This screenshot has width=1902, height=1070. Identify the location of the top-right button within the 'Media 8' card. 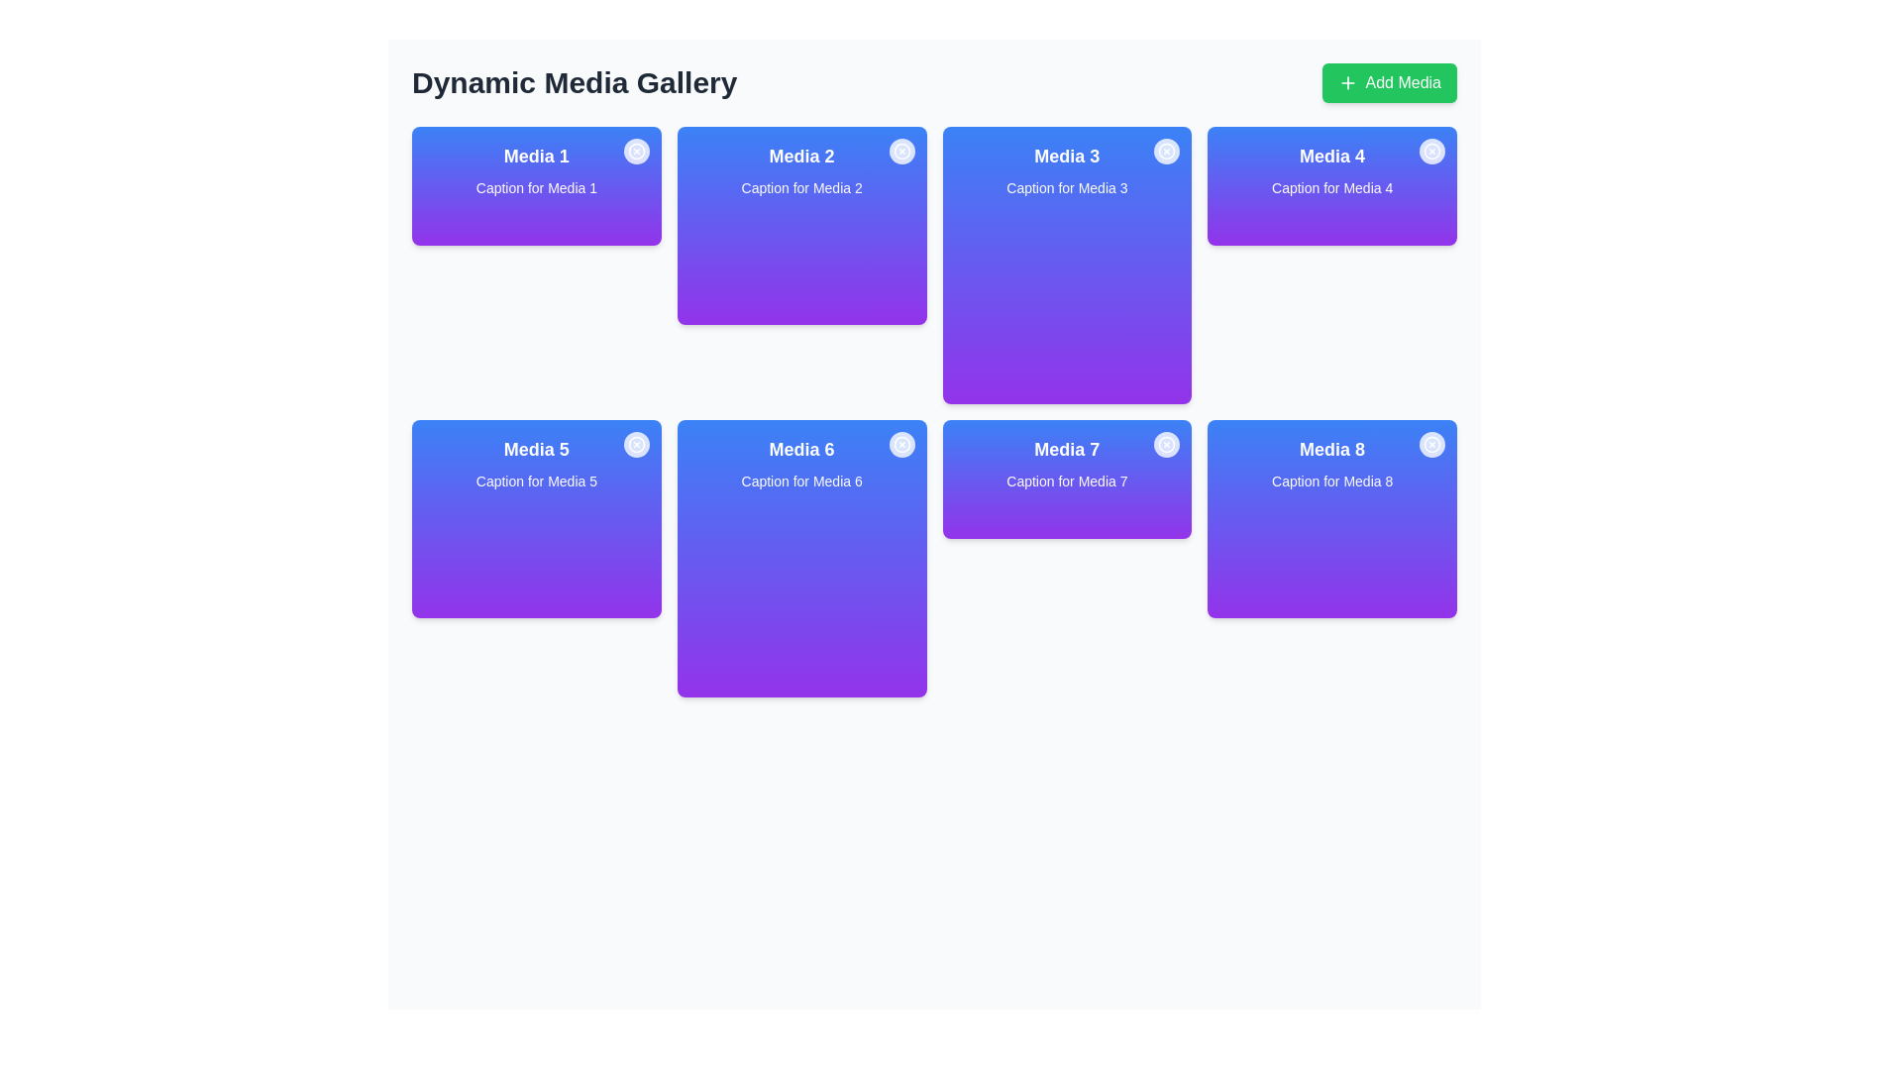
(1431, 446).